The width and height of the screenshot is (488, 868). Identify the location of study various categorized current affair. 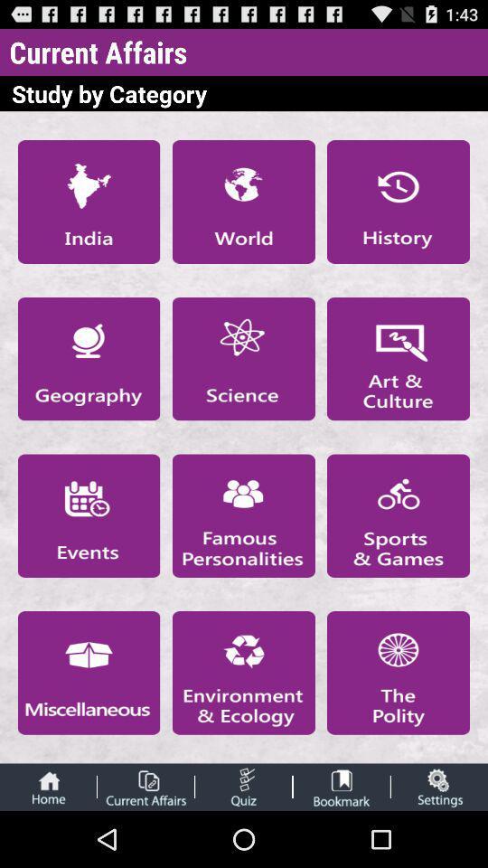
(145, 786).